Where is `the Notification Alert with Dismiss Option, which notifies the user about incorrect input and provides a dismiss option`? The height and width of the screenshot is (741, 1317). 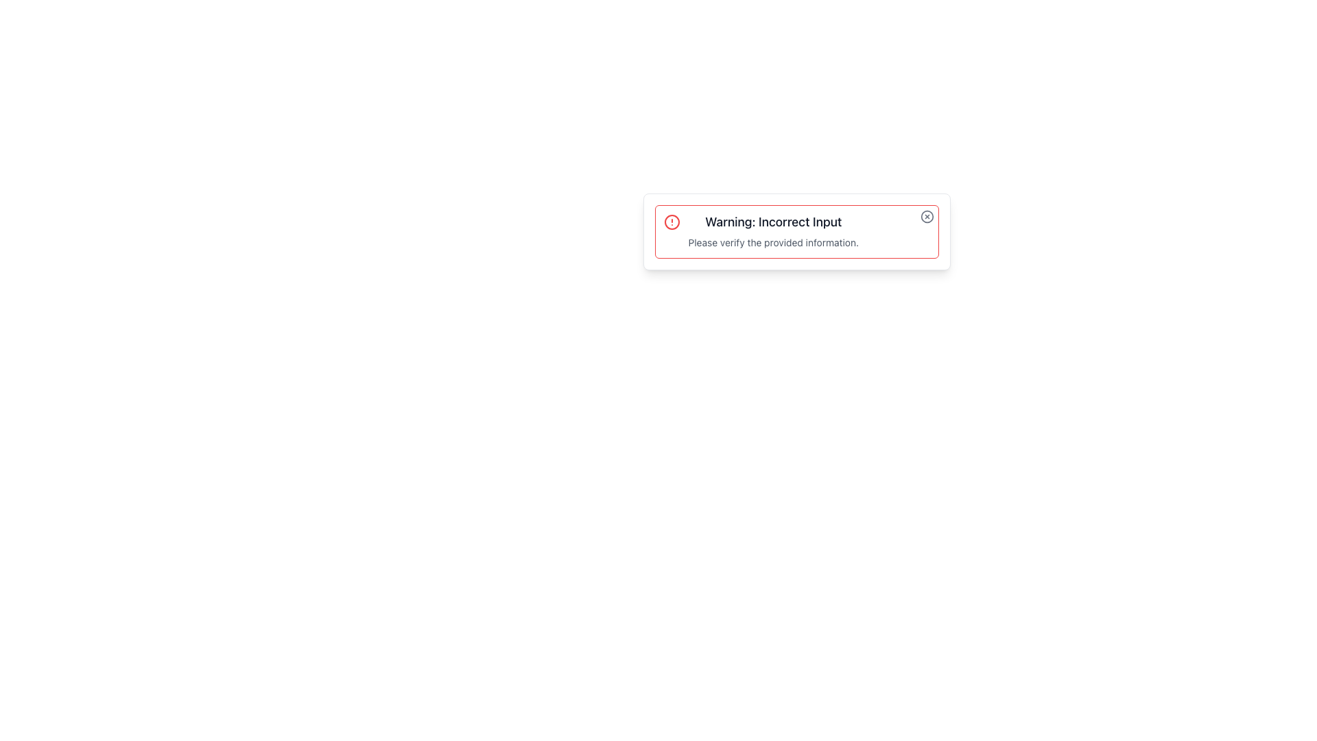
the Notification Alert with Dismiss Option, which notifies the user about incorrect input and provides a dismiss option is located at coordinates (796, 231).